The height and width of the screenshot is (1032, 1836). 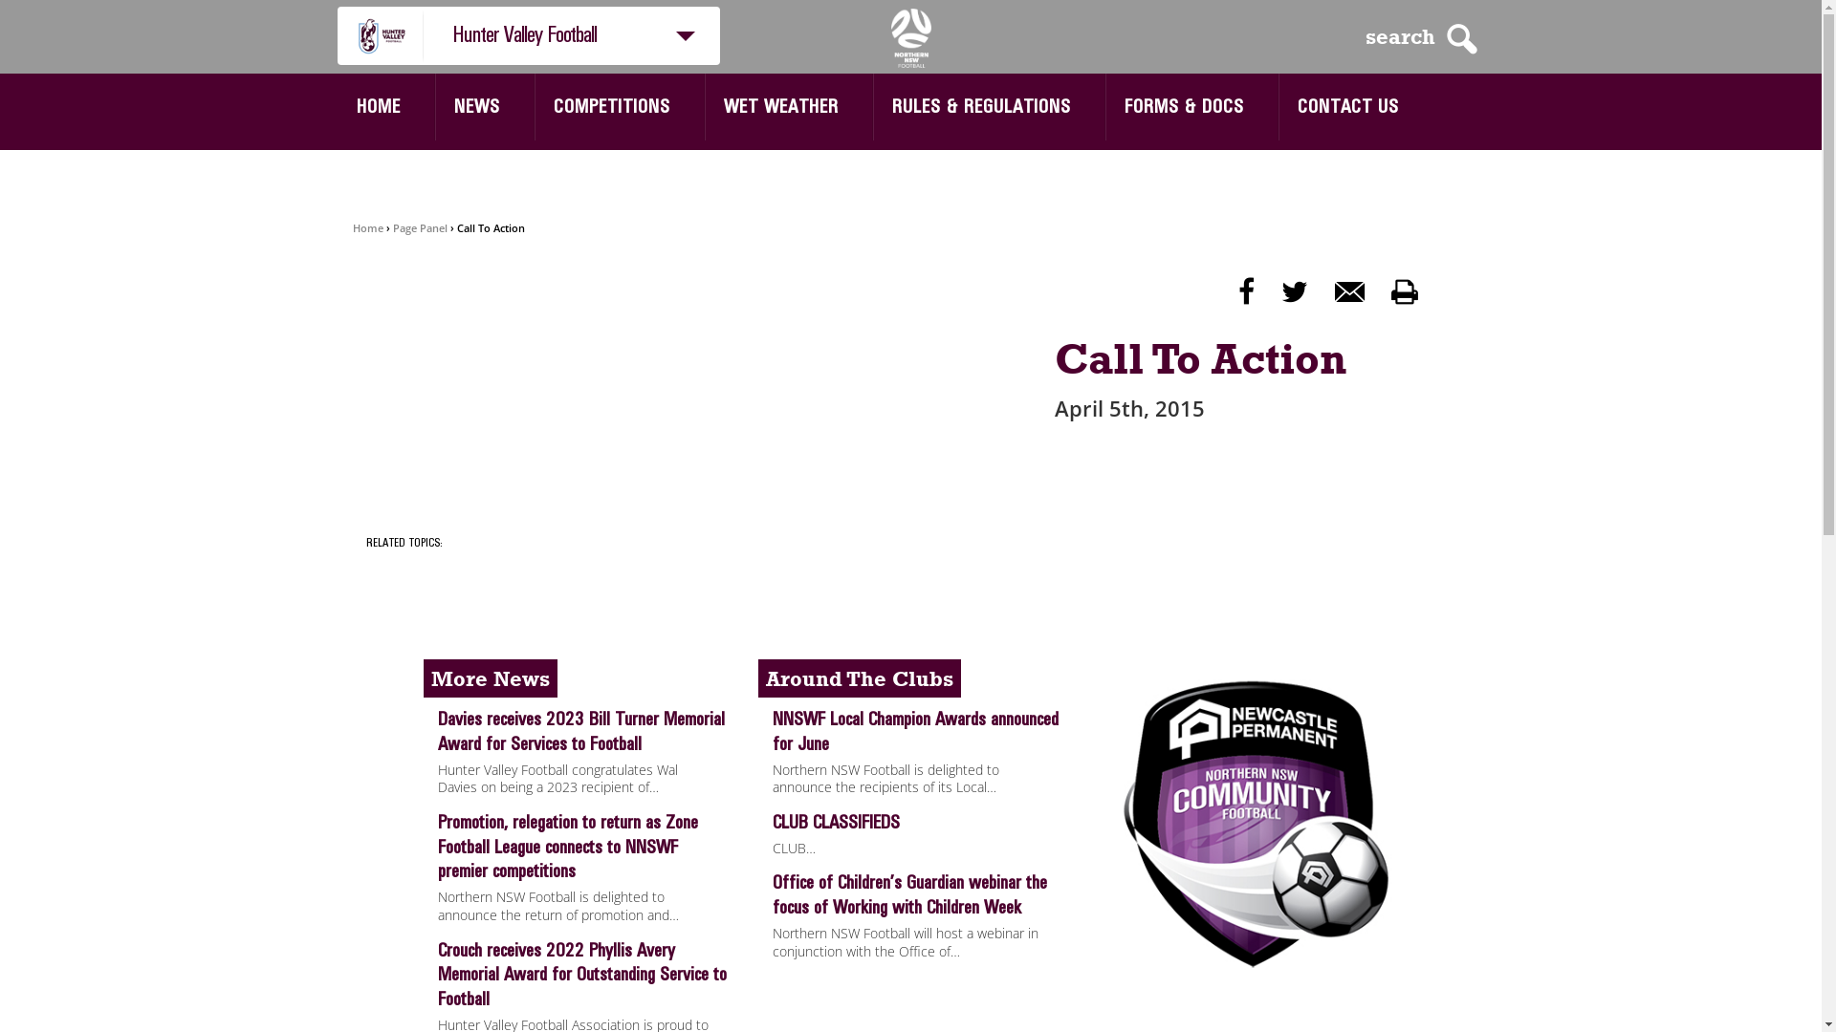 I want to click on 'HOME', so click(x=377, y=106).